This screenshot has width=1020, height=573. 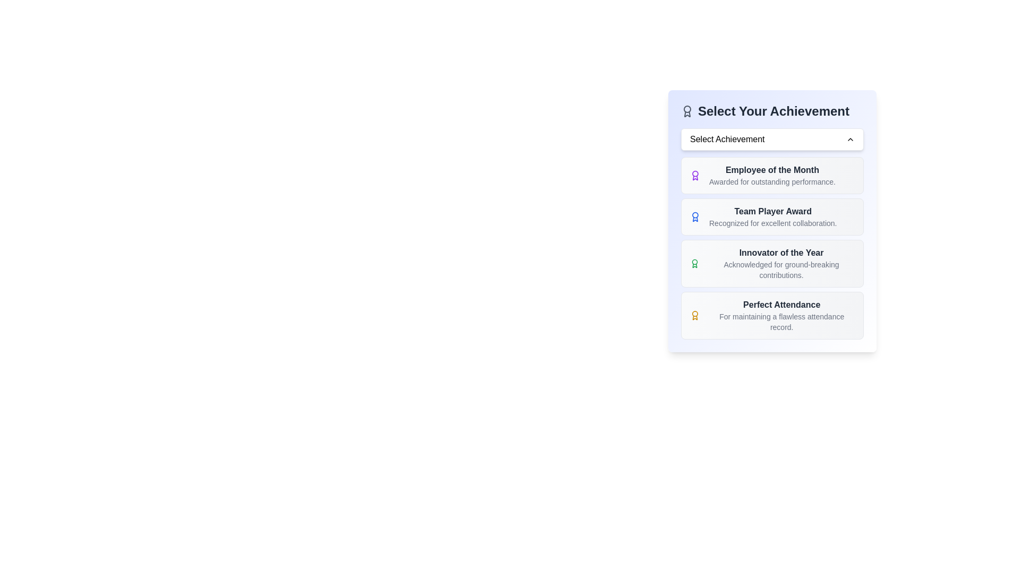 What do you see at coordinates (687, 114) in the screenshot?
I see `the decorative icon element that is part of the award icon, located near the title 'Select Your Achievement' at the top-left of the panel` at bounding box center [687, 114].